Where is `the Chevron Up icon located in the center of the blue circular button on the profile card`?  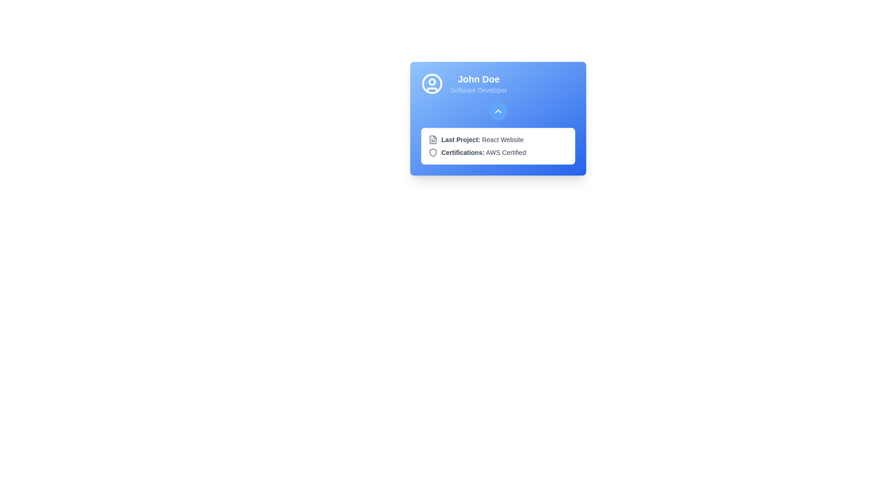 the Chevron Up icon located in the center of the blue circular button on the profile card is located at coordinates (497, 111).